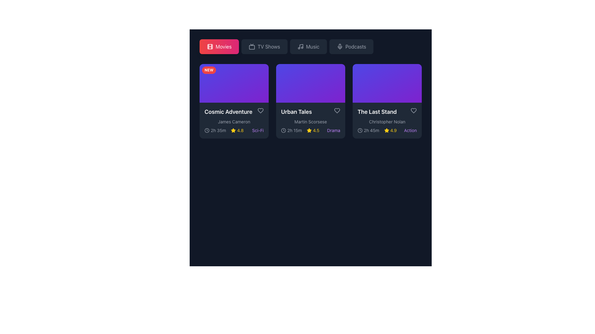 The width and height of the screenshot is (595, 334). I want to click on the 'New' label or badge located at the top-left corner of the 'Cosmic Adventure' content card, so click(209, 70).